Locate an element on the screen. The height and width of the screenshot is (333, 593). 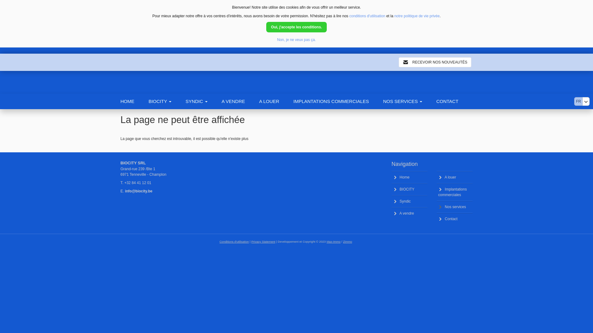
'Contact' is located at coordinates (436, 218).